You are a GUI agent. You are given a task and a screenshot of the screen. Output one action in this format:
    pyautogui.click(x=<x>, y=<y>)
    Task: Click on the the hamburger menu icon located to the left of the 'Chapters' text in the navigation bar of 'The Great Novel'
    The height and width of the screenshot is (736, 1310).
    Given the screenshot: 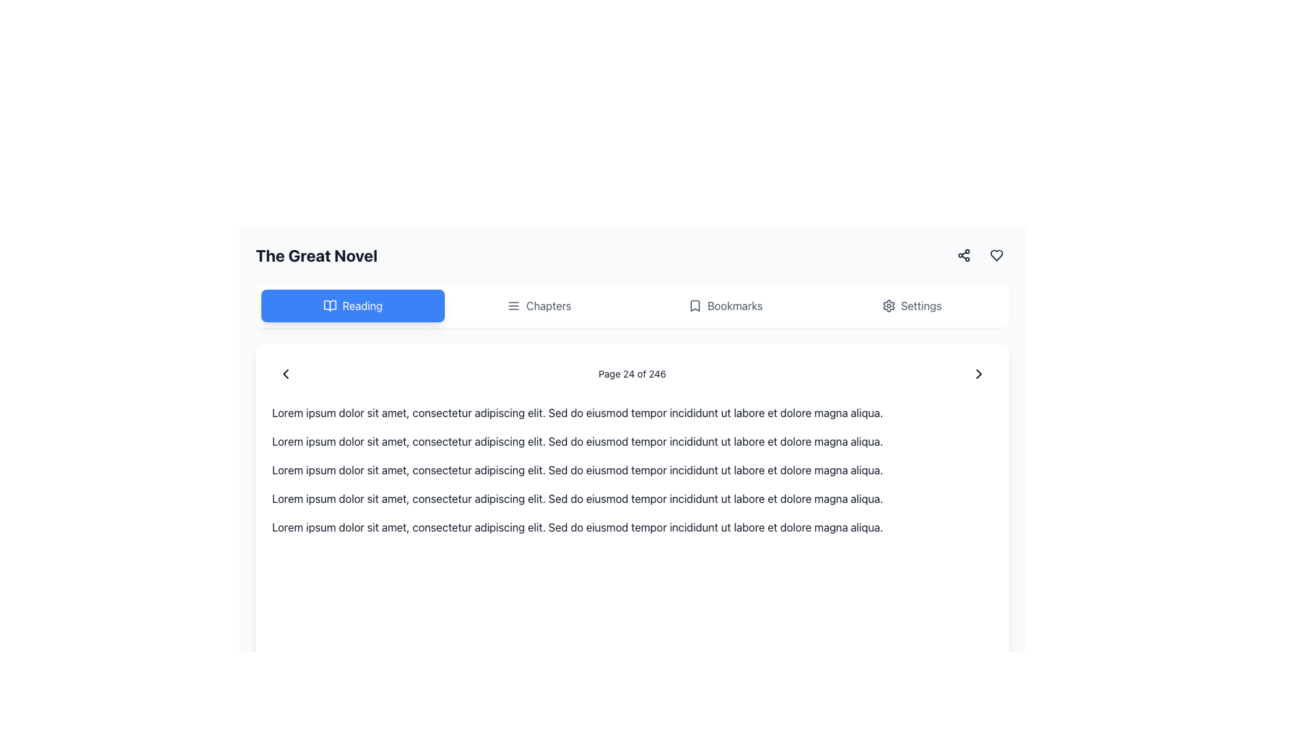 What is the action you would take?
    pyautogui.click(x=513, y=305)
    